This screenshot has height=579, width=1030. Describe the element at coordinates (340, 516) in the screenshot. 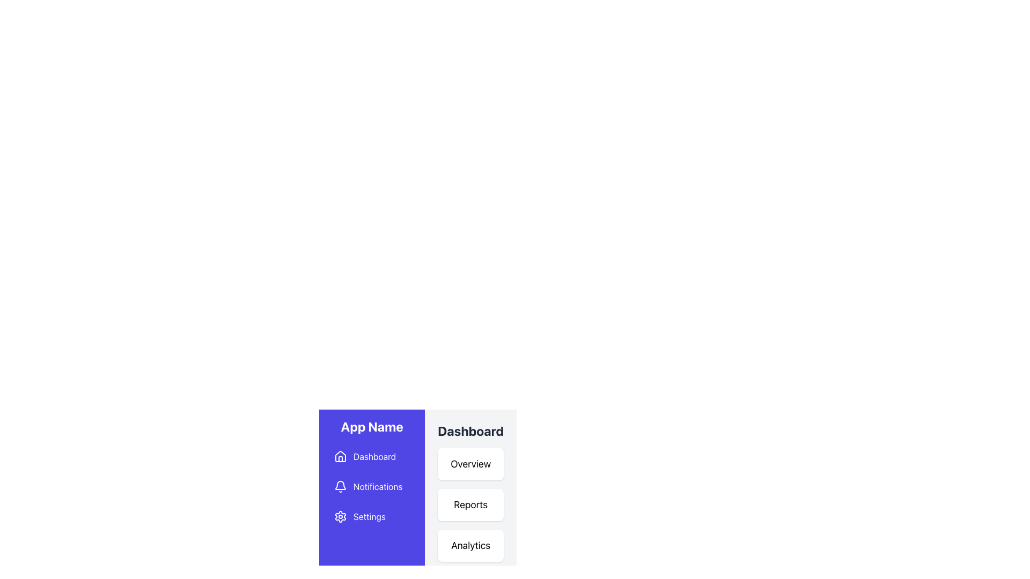

I see `the 'Settings' icon button in the sidebar` at that location.